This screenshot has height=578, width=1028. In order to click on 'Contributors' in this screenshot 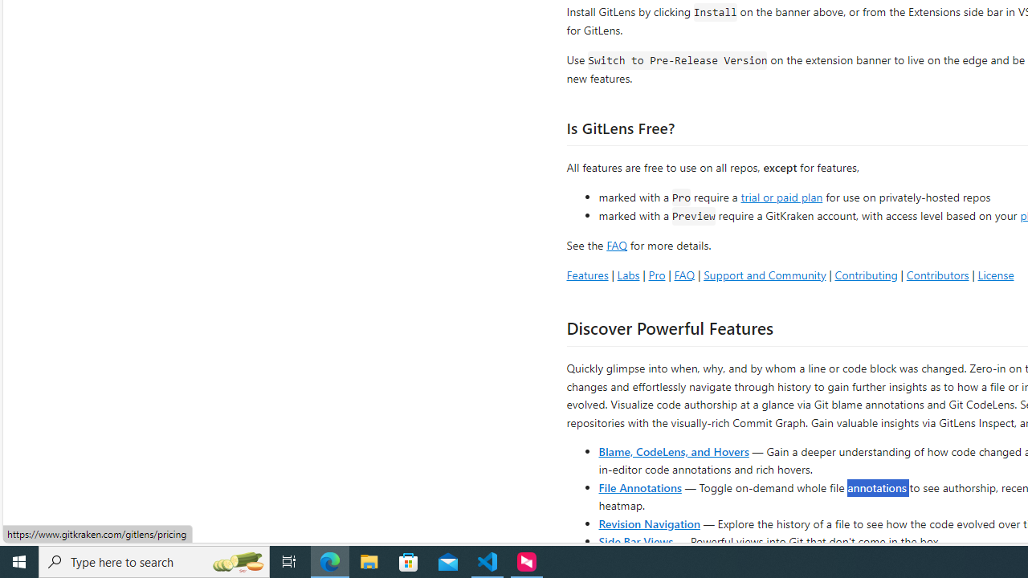, I will do `click(937, 274)`.